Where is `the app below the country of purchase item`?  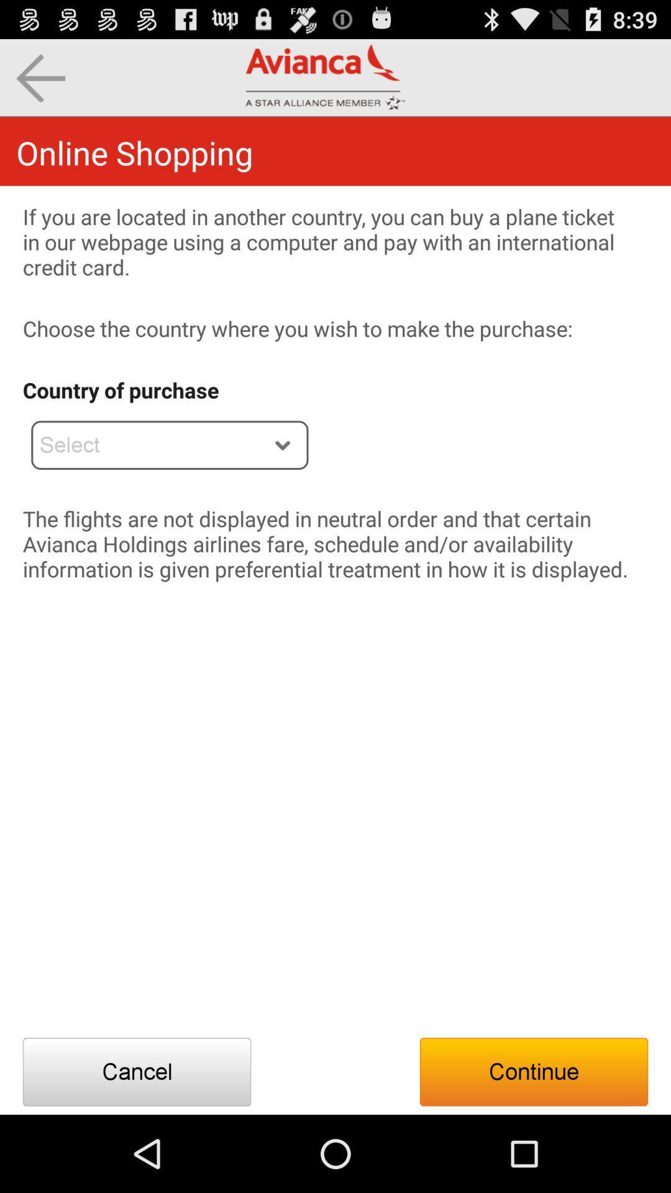
the app below the country of purchase item is located at coordinates (170, 445).